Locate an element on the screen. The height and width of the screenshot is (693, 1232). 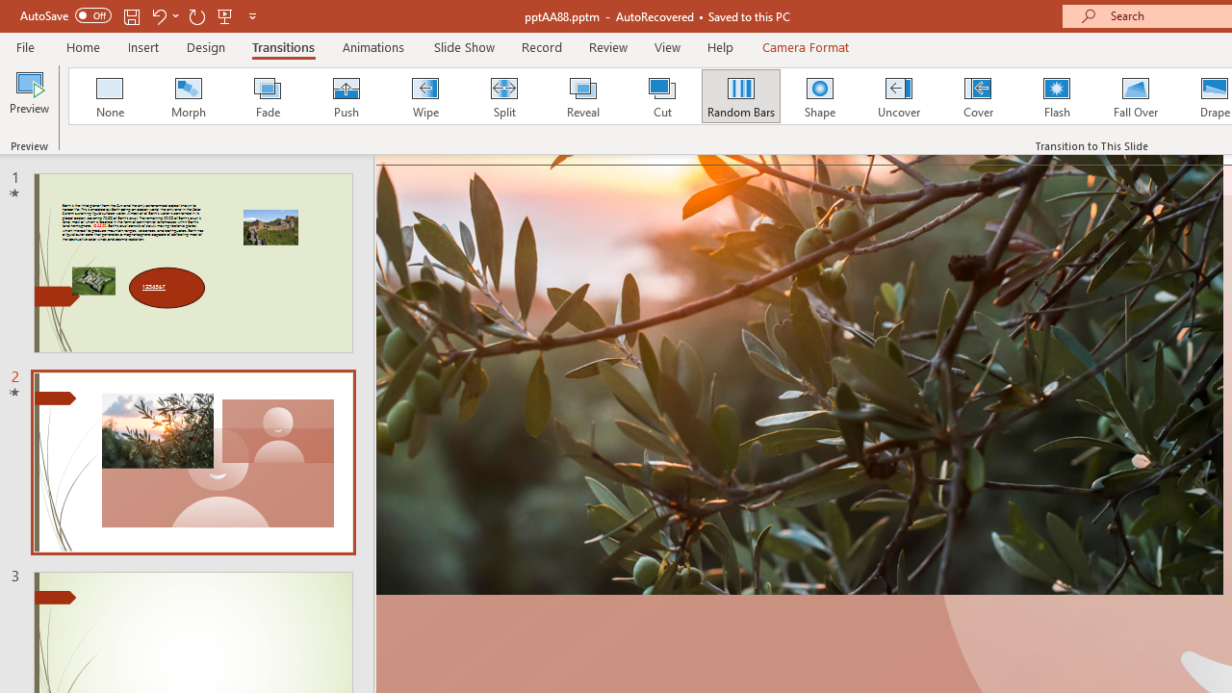
'Wipe' is located at coordinates (423, 96).